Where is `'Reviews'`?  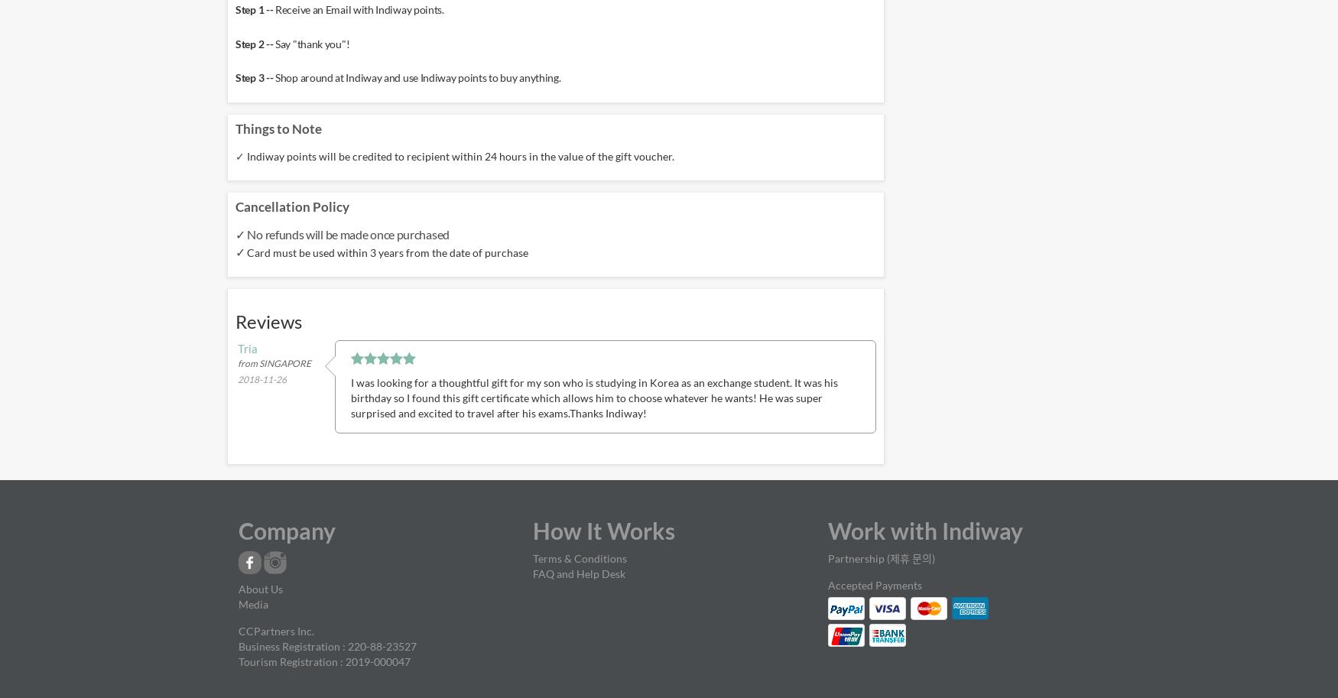
'Reviews' is located at coordinates (268, 321).